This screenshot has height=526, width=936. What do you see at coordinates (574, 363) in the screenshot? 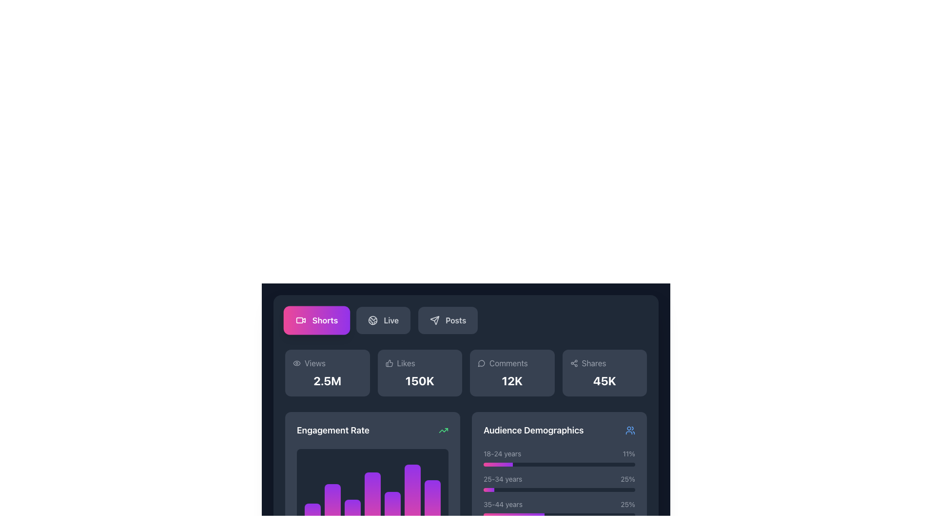
I see `the share icon, which features a minimalist design with three linked circles, located to the left of the 'Shares' label and number '45K' in the top-right corner of the grey box` at bounding box center [574, 363].